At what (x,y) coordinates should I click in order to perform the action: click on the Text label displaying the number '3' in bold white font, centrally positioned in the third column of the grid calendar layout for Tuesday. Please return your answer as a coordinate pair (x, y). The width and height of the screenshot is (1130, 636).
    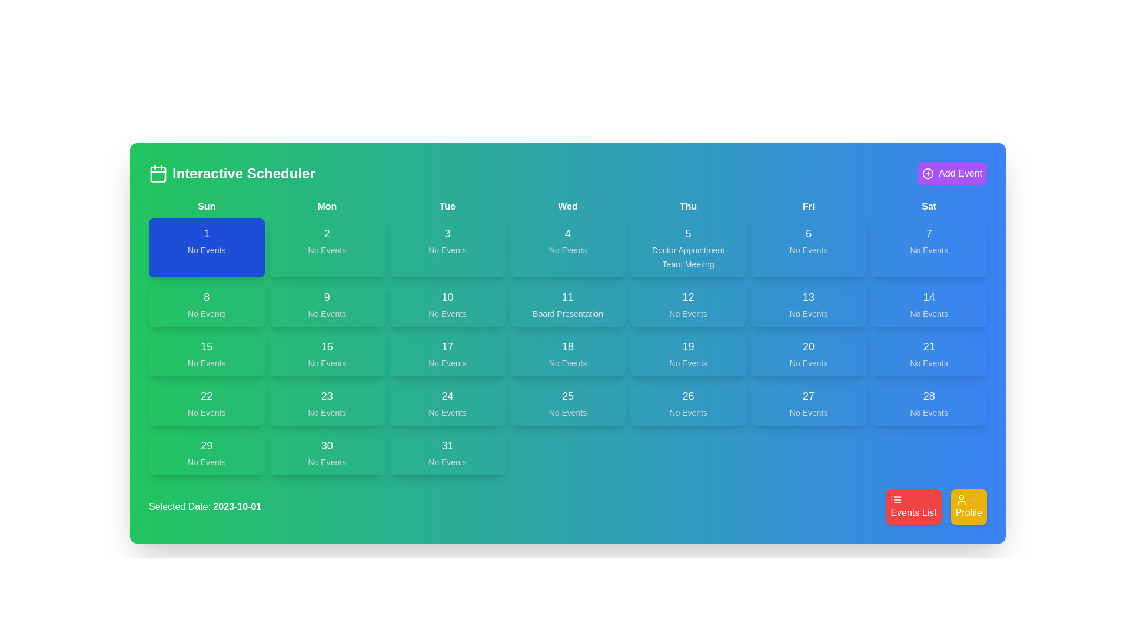
    Looking at the image, I should click on (447, 234).